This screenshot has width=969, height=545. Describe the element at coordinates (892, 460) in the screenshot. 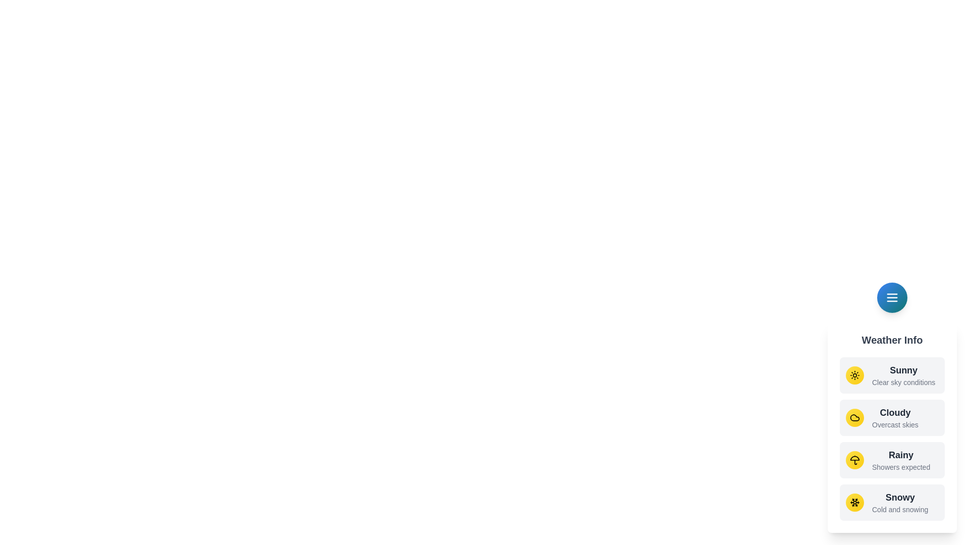

I see `the weather option Rainy from the menu` at that location.